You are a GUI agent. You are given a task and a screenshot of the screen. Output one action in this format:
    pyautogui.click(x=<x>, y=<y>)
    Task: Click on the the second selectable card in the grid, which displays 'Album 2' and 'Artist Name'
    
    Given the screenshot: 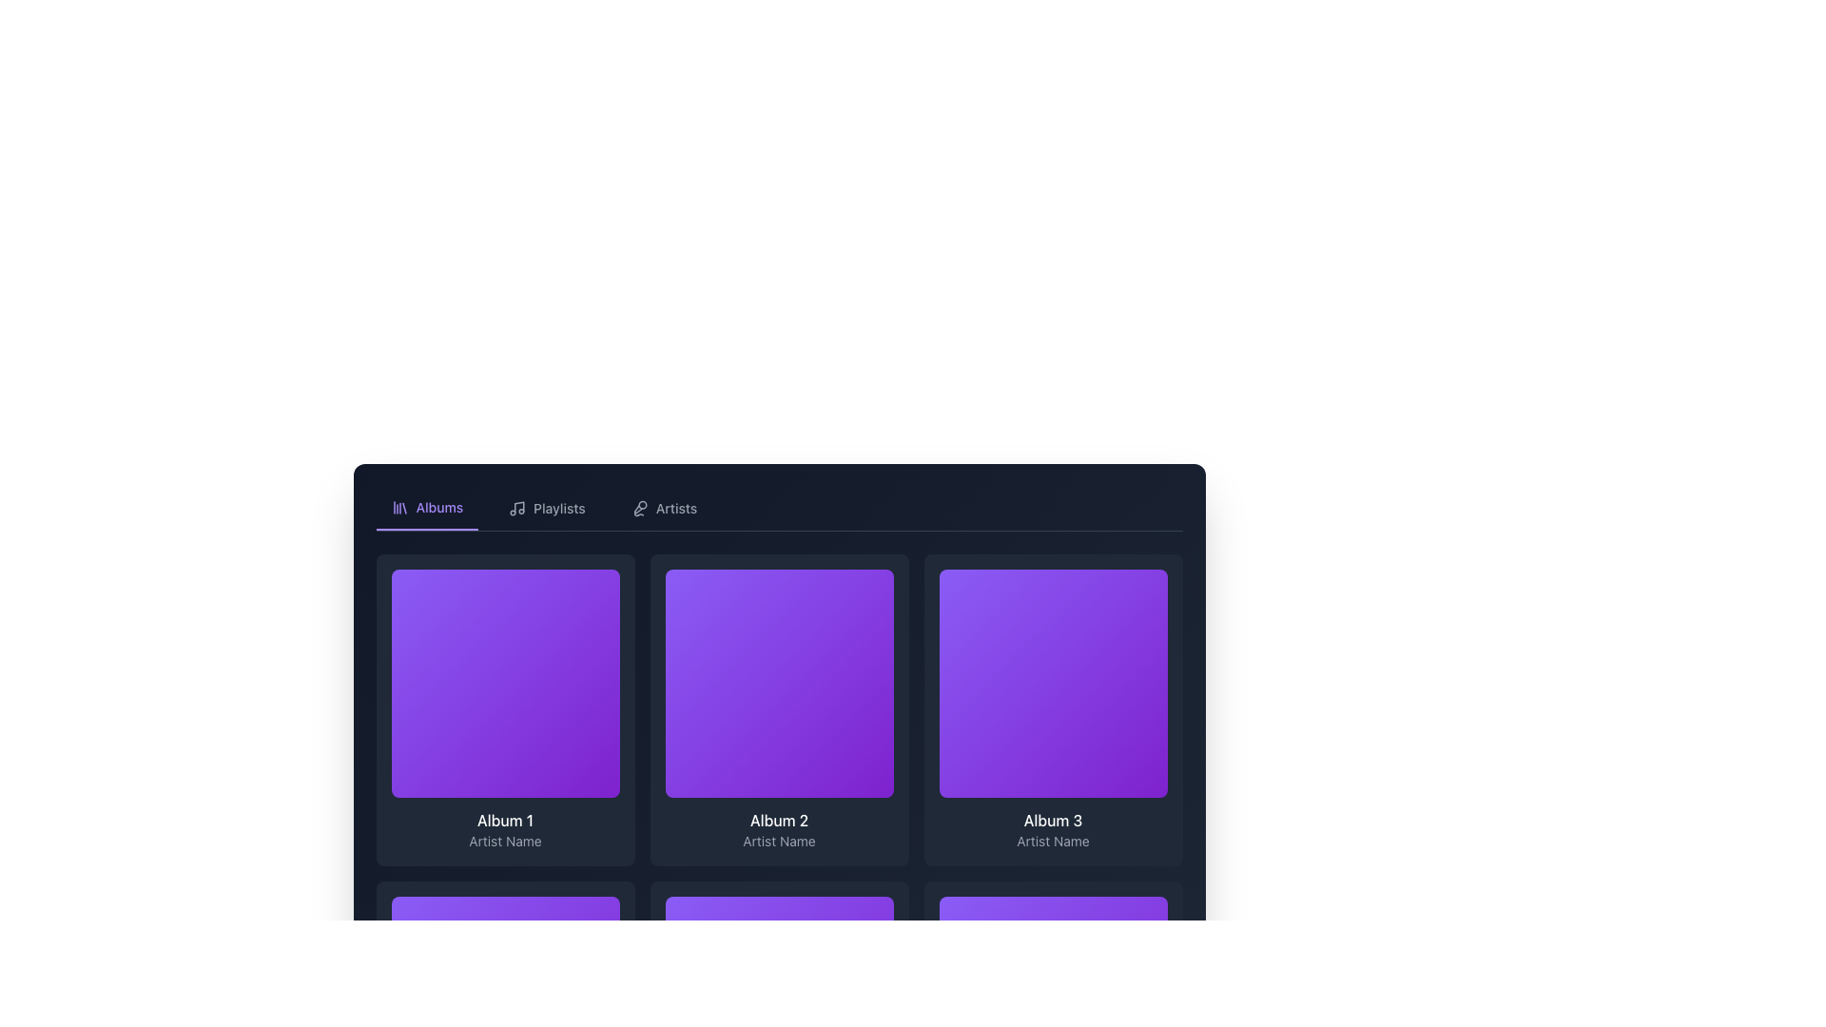 What is the action you would take?
    pyautogui.click(x=779, y=710)
    